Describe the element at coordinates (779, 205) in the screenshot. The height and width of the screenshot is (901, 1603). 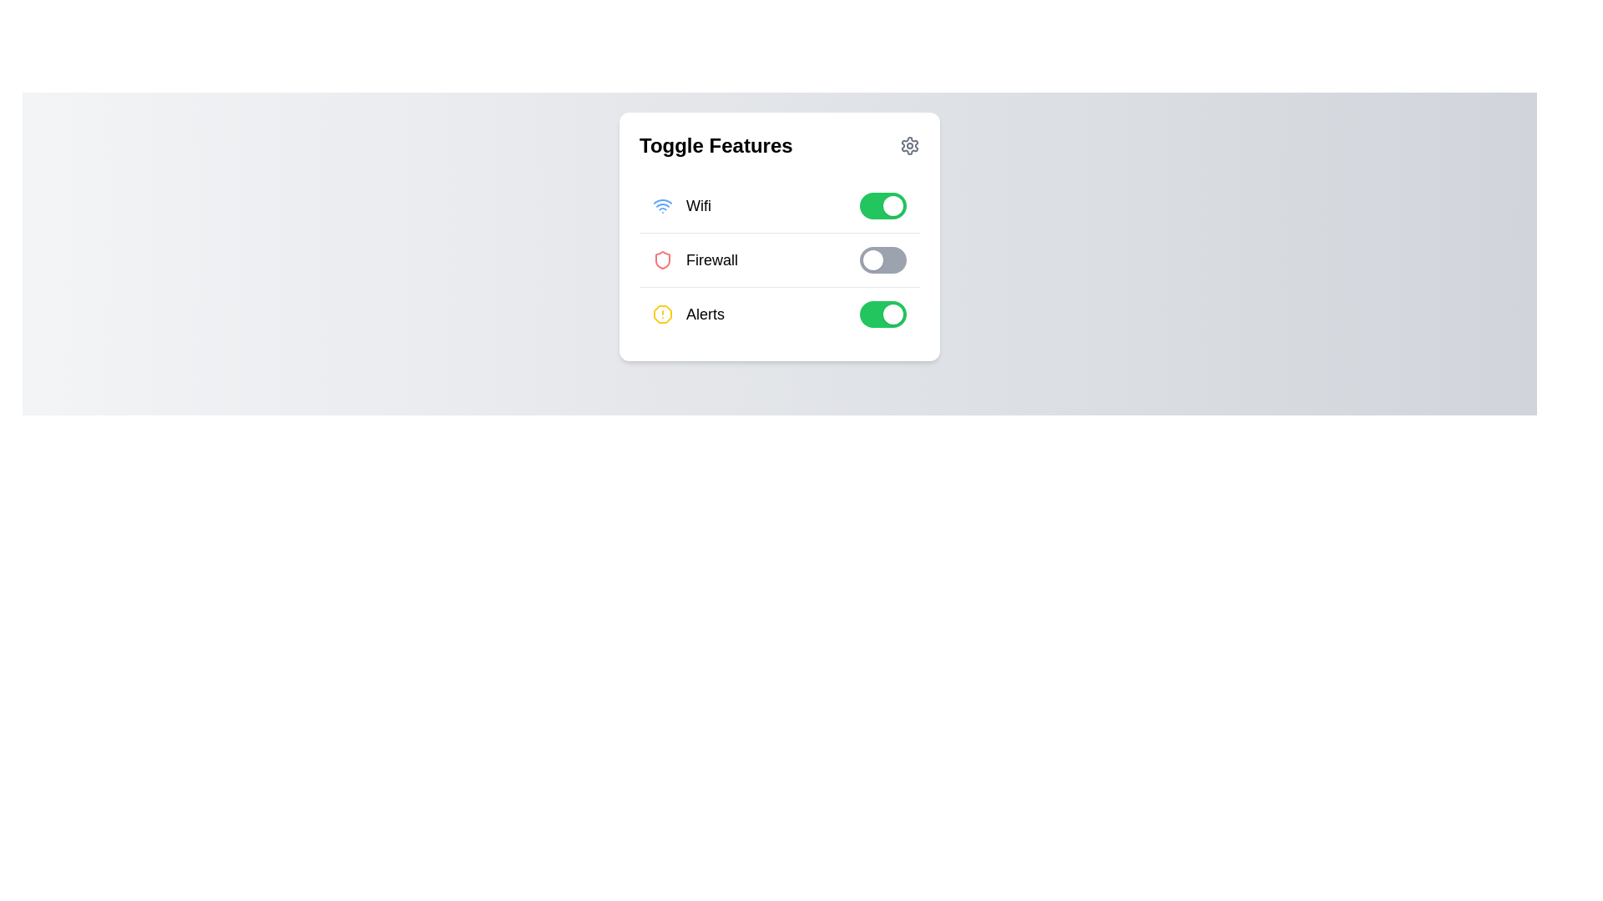
I see `the first row in the feature toggle interface that contains the Wifi toggle switch, which allows the user to enable or disable the Wifi feature` at that location.